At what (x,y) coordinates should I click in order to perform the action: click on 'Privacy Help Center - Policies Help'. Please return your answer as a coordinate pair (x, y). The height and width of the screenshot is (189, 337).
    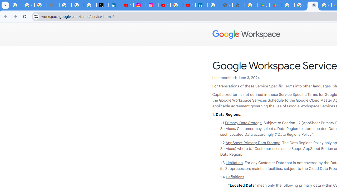
    Looking at the image, I should click on (65, 5).